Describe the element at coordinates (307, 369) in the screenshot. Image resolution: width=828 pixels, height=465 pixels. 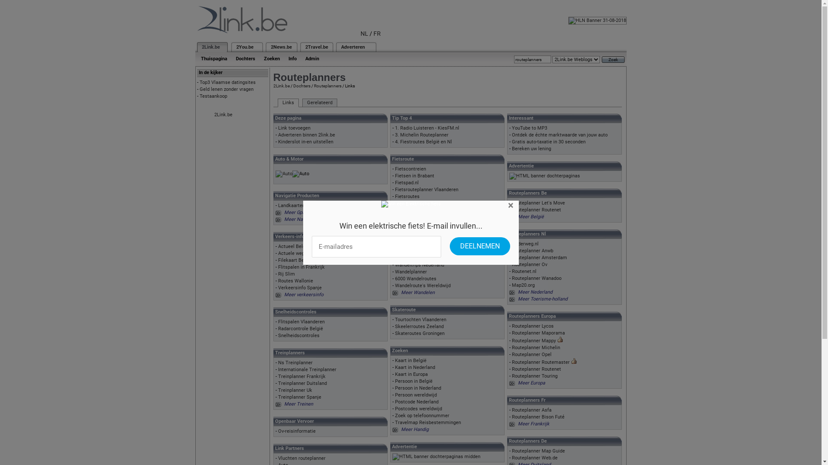
I see `'Internationale Treinplanner'` at that location.